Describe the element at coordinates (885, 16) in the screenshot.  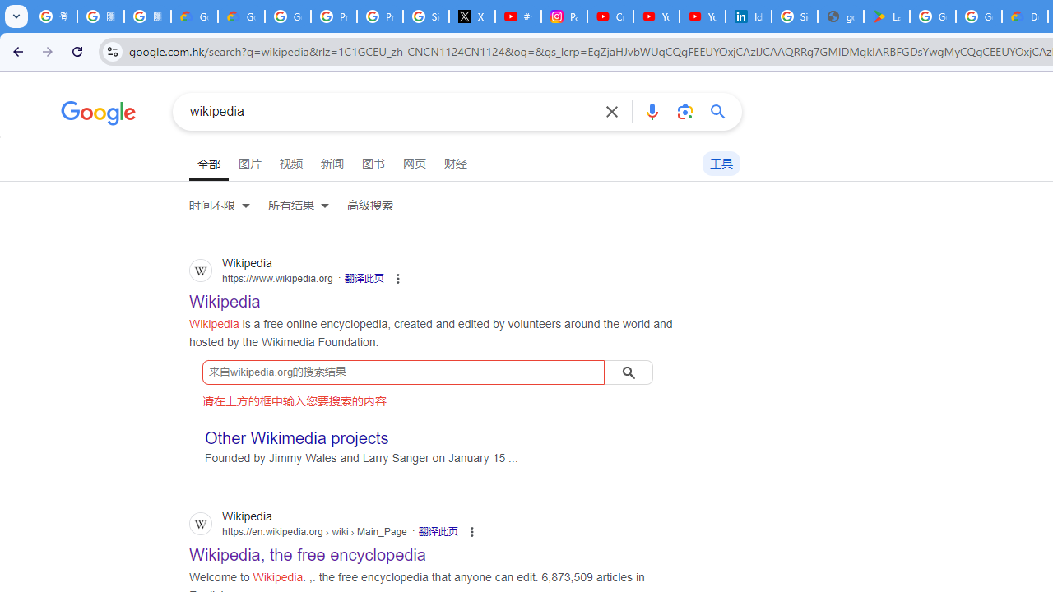
I see `'Last Shelter: Survival - Apps on Google Play'` at that location.